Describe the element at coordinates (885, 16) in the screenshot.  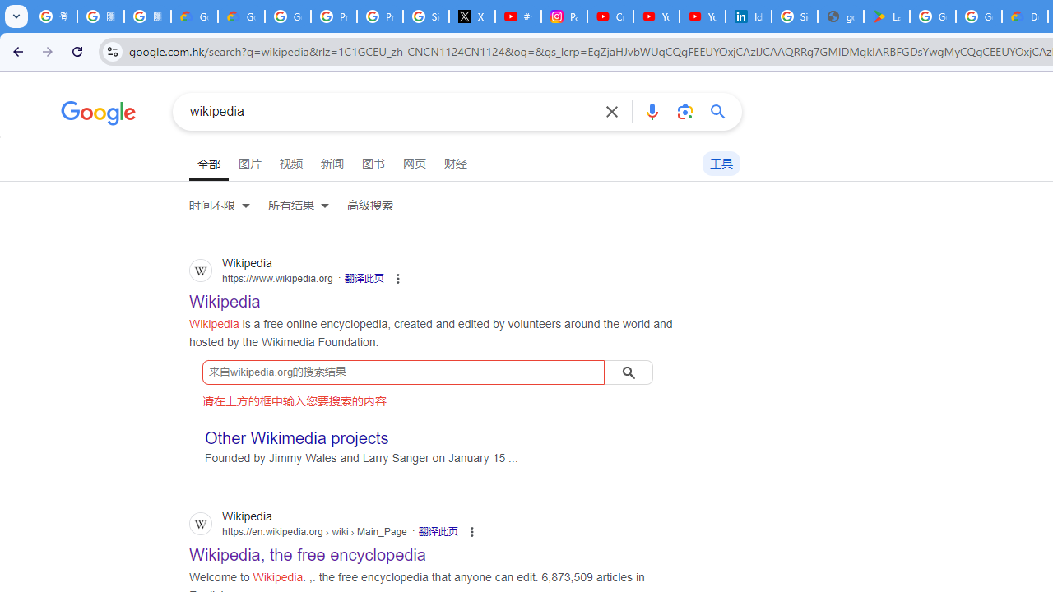
I see `'Last Shelter: Survival - Apps on Google Play'` at that location.